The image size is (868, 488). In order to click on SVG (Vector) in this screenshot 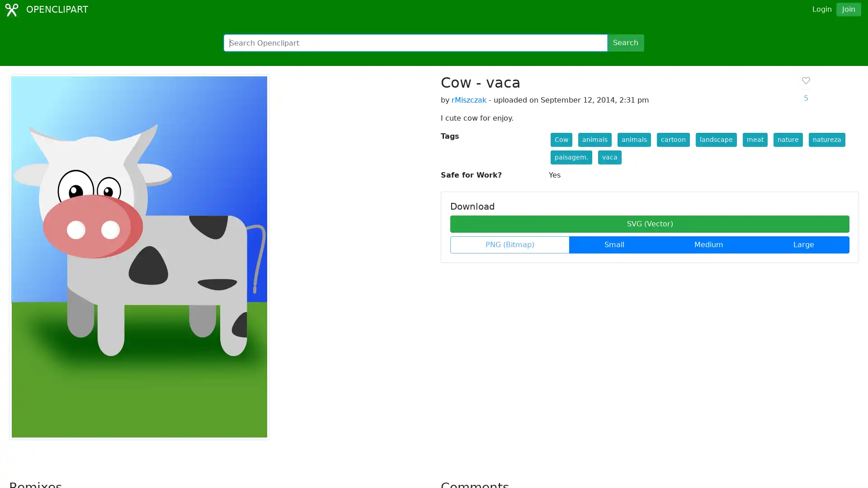, I will do `click(649, 224)`.